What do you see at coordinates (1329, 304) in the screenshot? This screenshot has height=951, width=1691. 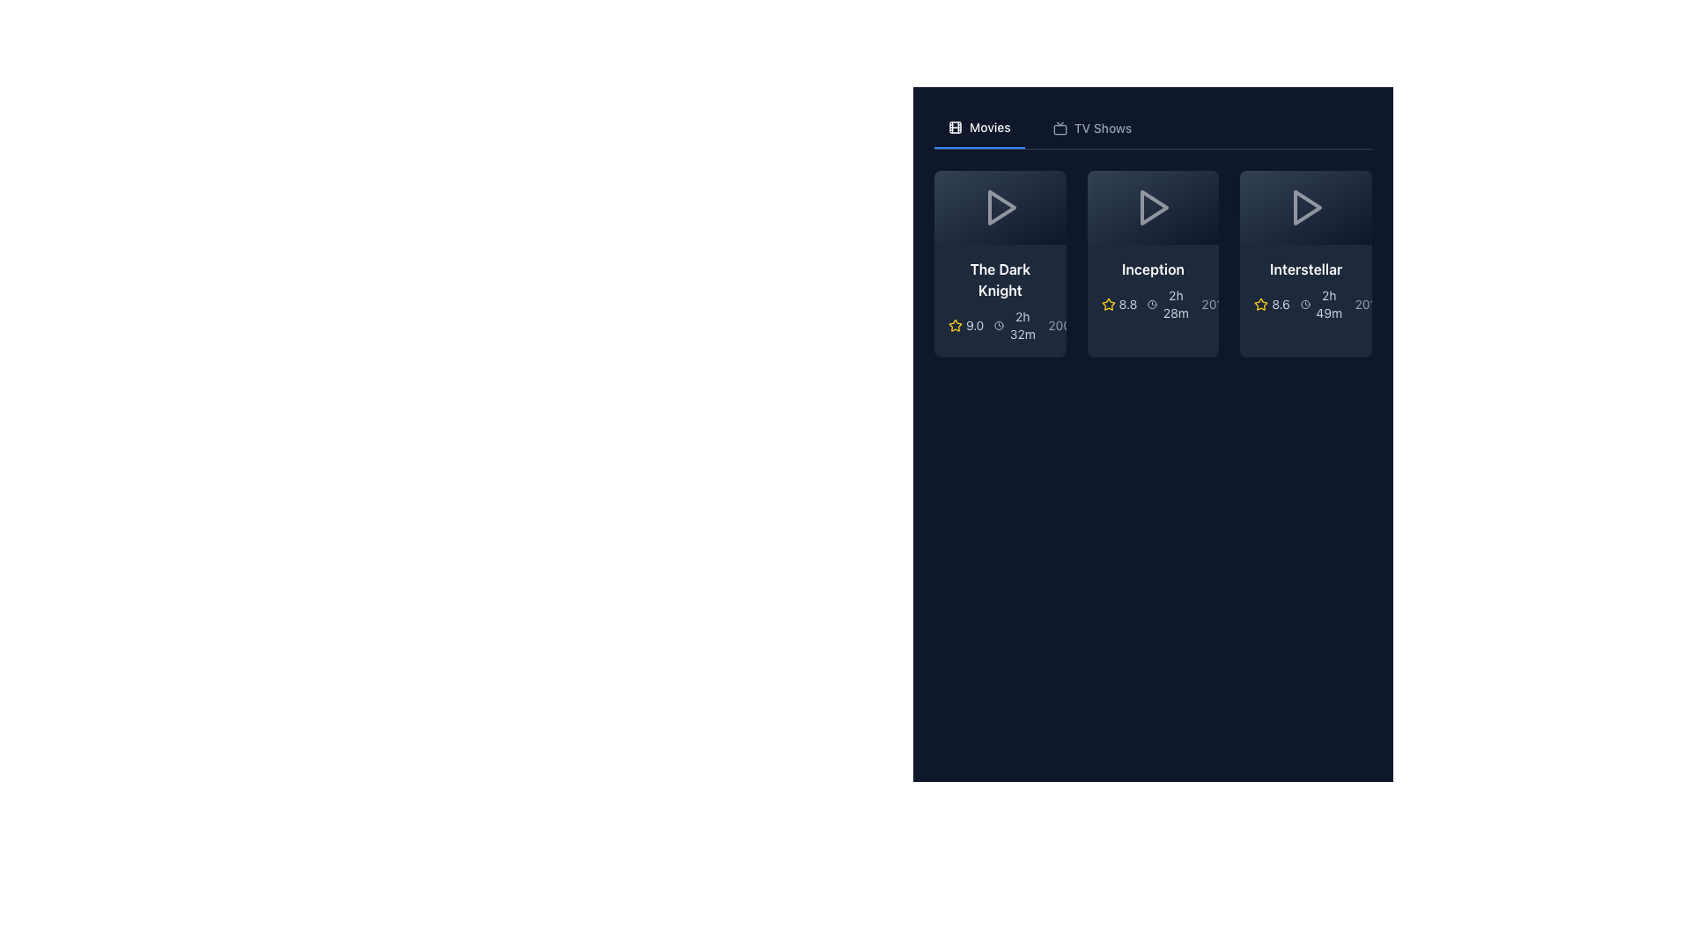 I see `the text label displaying the duration '2h 49m' located in the third card of the movie grid, positioned to the right of the rating '8.6' and below the title 'Interstellar'` at bounding box center [1329, 304].